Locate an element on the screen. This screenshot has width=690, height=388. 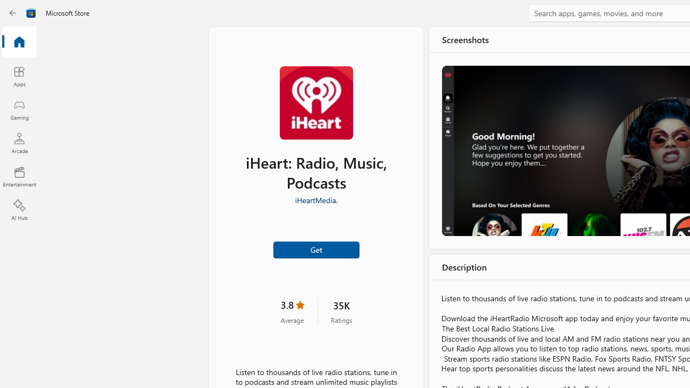
'Get' is located at coordinates (315, 250).